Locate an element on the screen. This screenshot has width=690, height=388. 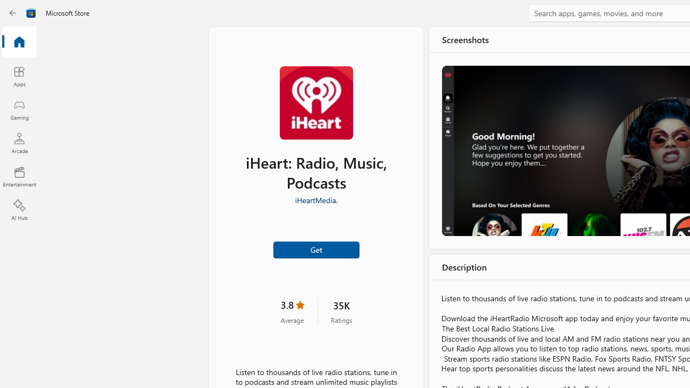
'Get' is located at coordinates (315, 250).